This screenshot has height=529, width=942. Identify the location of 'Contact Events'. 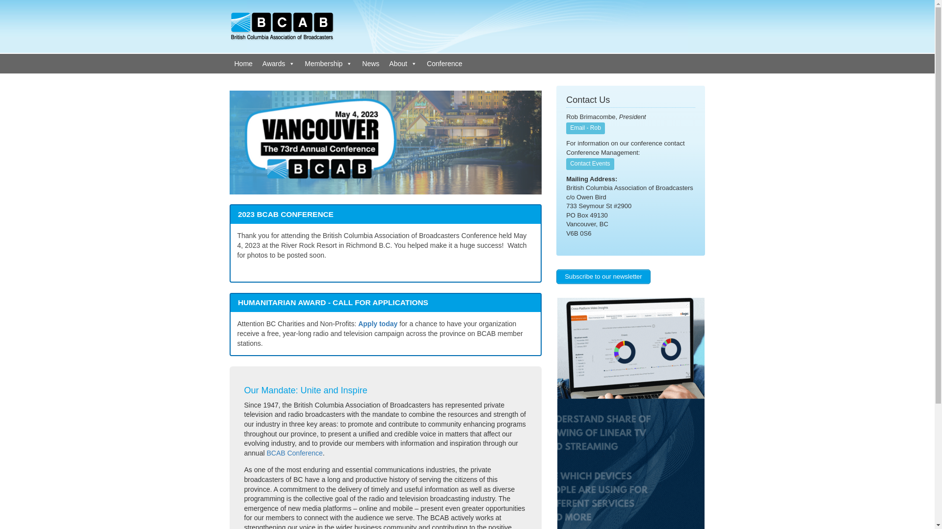
(589, 164).